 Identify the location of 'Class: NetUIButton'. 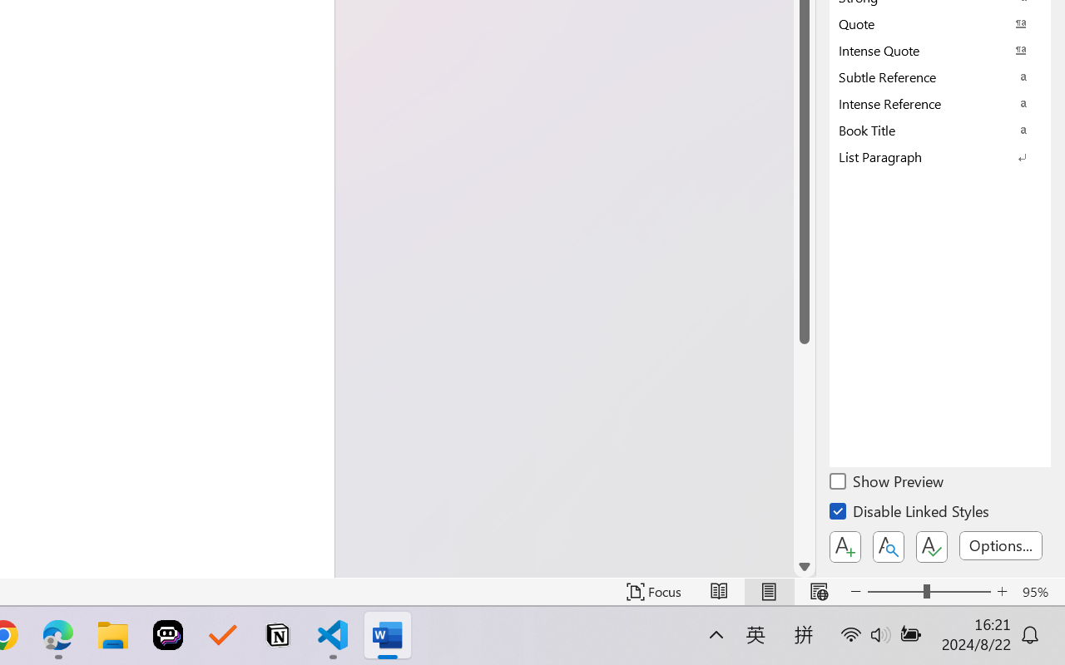
(932, 546).